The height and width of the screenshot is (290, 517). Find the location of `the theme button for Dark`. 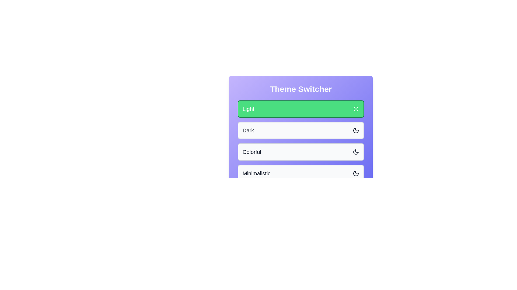

the theme button for Dark is located at coordinates (301, 130).